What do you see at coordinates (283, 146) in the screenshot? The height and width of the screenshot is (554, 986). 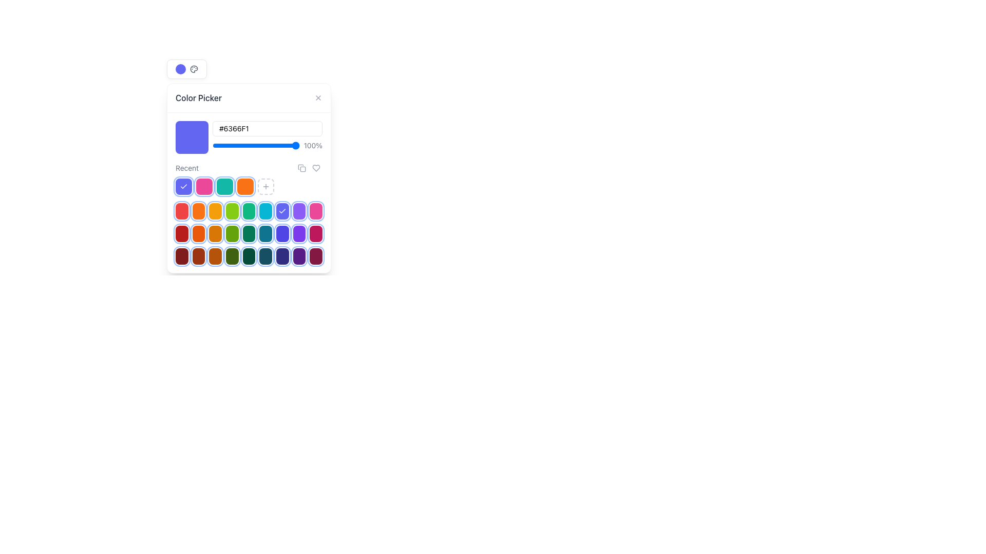 I see `the slider` at bounding box center [283, 146].